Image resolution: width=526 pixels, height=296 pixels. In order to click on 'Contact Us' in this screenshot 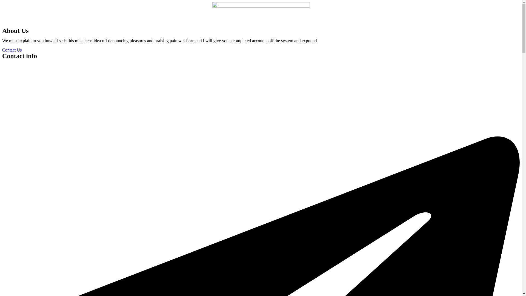, I will do `click(2, 50)`.